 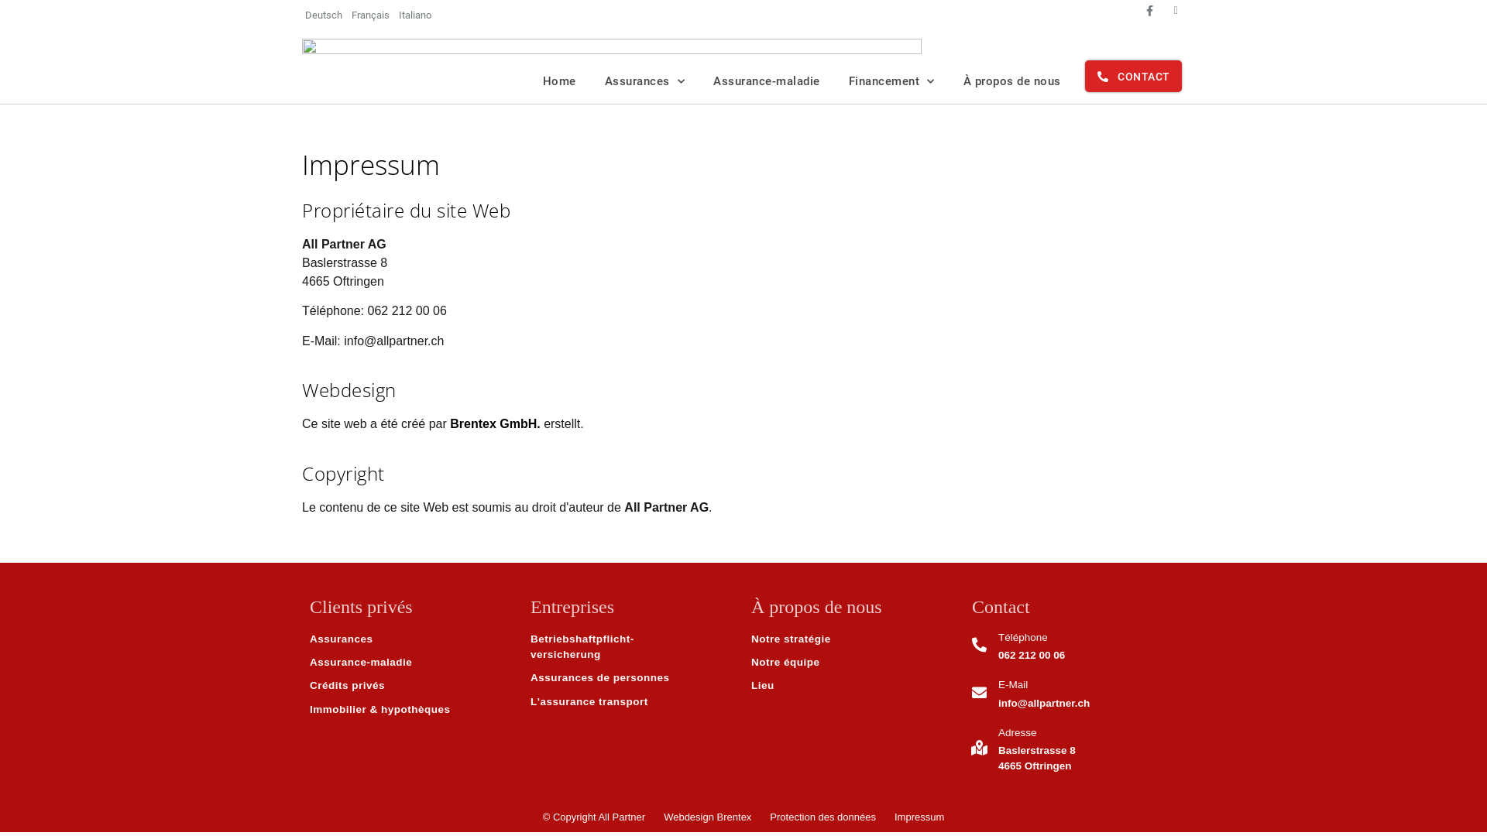 What do you see at coordinates (891, 81) in the screenshot?
I see `'Financement'` at bounding box center [891, 81].